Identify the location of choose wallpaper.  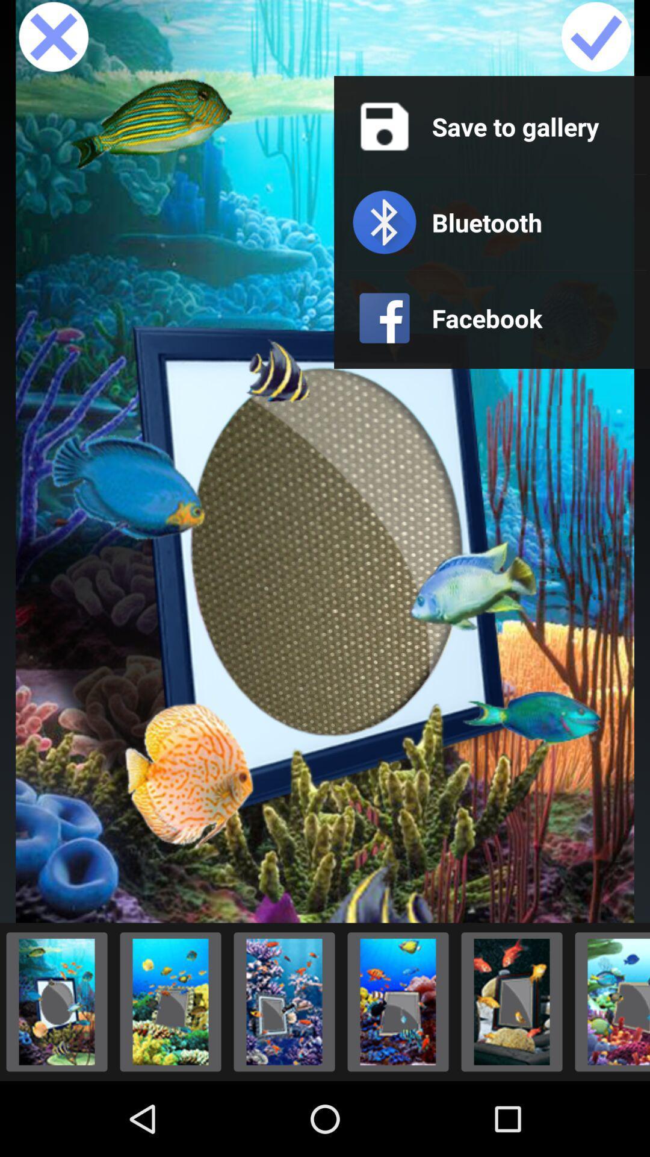
(512, 1002).